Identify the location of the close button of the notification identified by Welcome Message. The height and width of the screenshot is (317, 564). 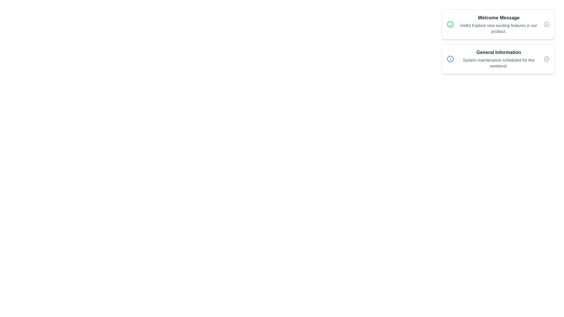
(546, 24).